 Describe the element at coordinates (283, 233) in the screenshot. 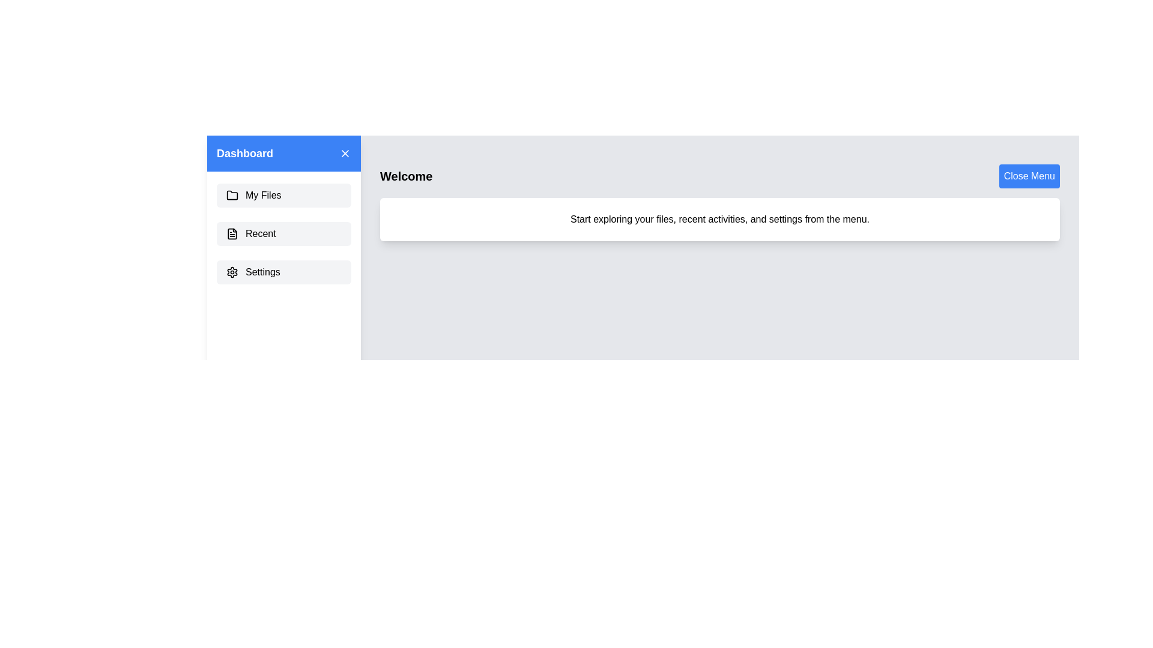

I see `the menu item Recent to observe the hover effect` at that location.